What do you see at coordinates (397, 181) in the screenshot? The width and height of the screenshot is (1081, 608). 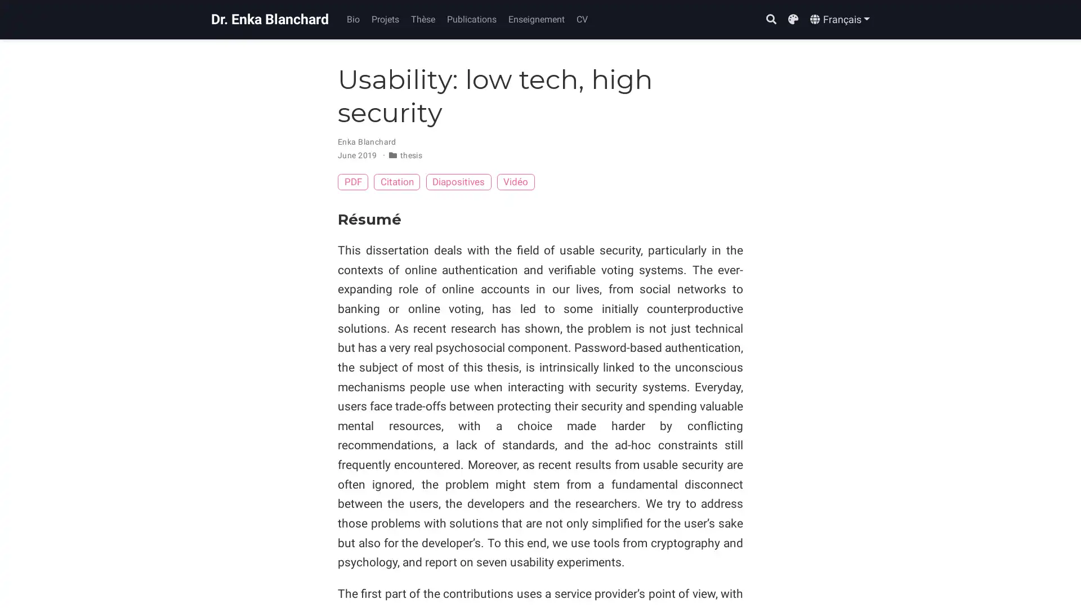 I see `Citation` at bounding box center [397, 181].